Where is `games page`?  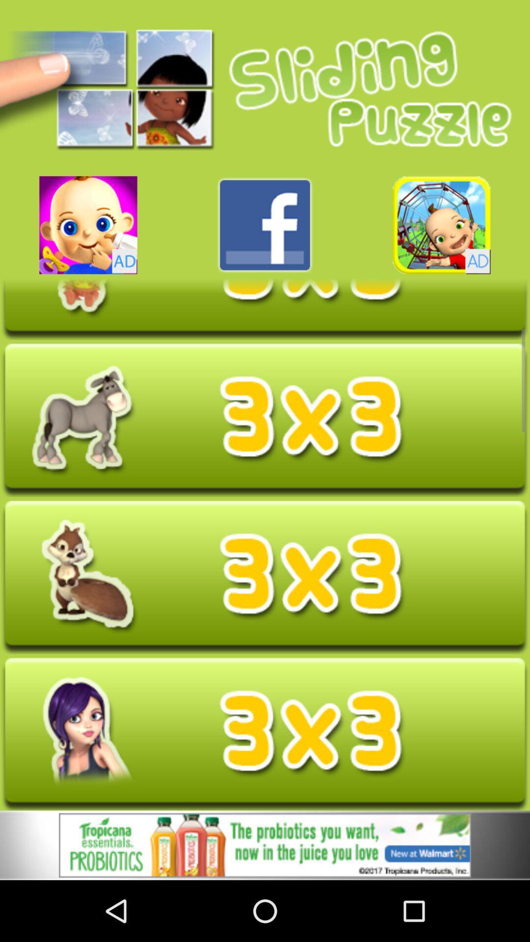 games page is located at coordinates (88, 225).